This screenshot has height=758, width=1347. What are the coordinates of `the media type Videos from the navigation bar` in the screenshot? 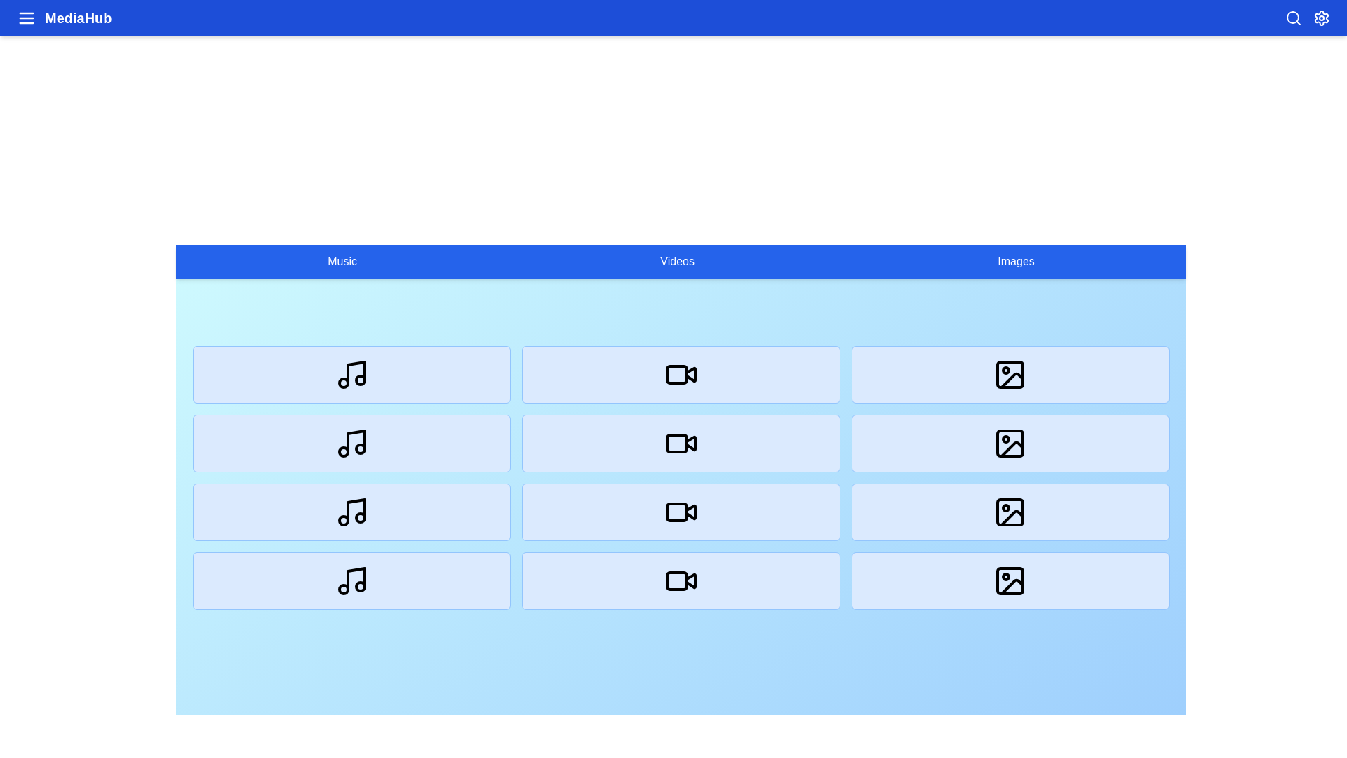 It's located at (676, 262).